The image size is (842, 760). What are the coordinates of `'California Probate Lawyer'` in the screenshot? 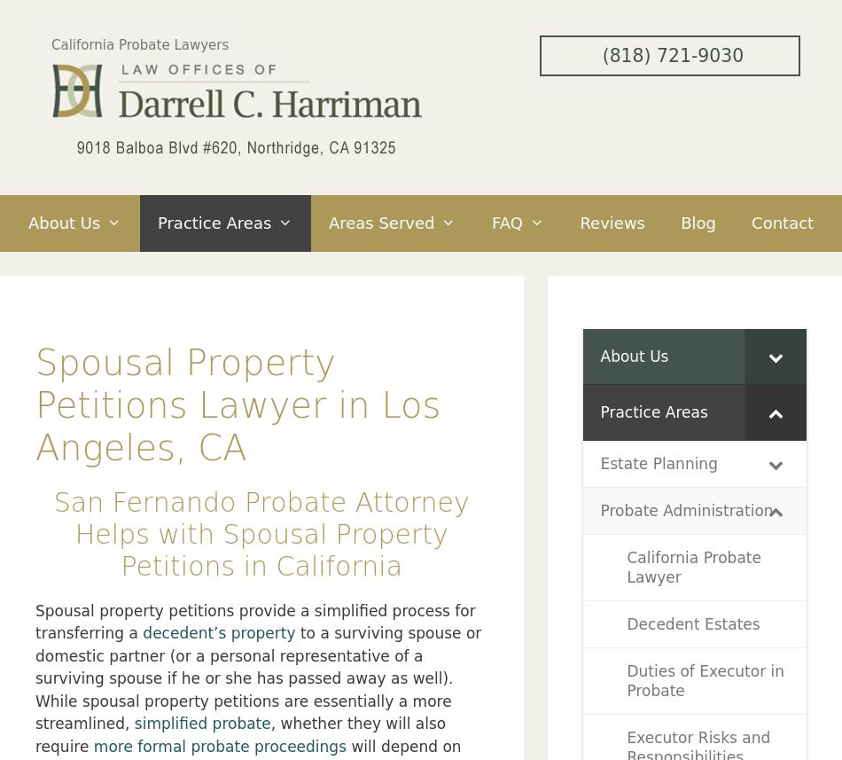 It's located at (692, 566).